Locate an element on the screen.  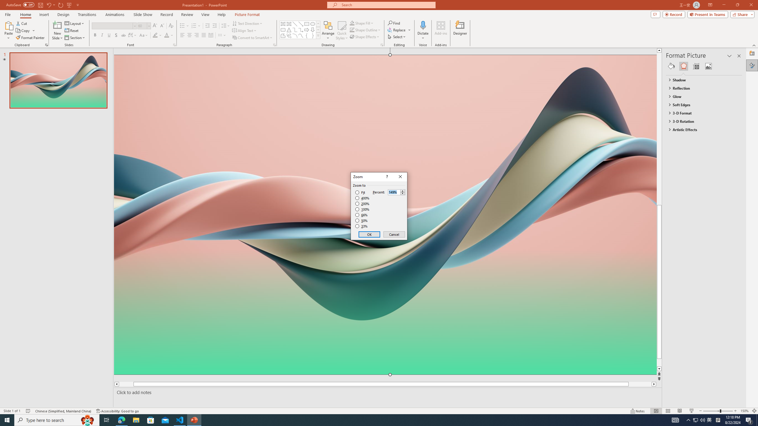
'File Explorer' is located at coordinates (136, 419).